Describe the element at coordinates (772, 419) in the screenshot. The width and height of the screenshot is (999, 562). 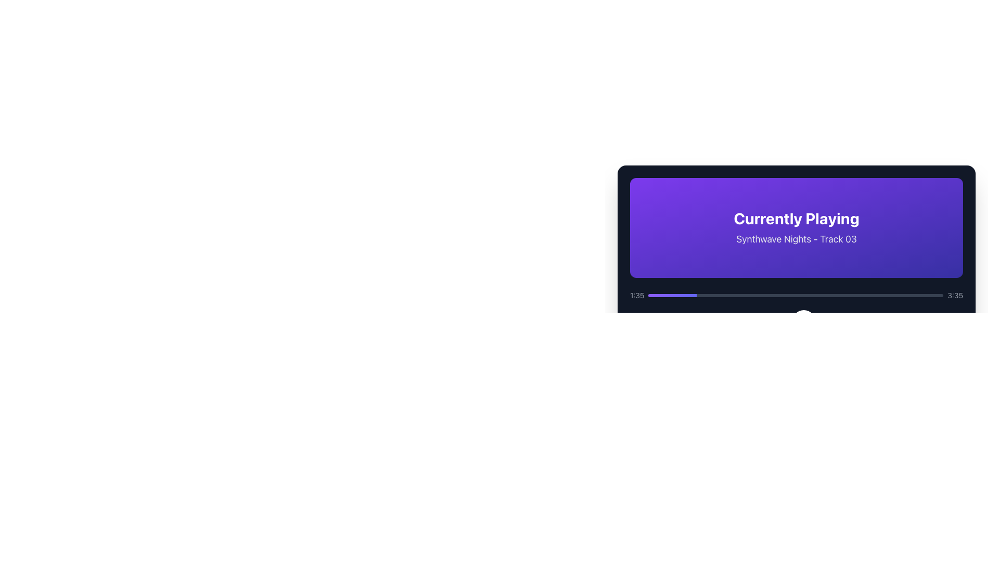
I see `'Various Artists' text label, which is styled in gray and located below the 'Synthwave Nights' text, using developer tools` at that location.